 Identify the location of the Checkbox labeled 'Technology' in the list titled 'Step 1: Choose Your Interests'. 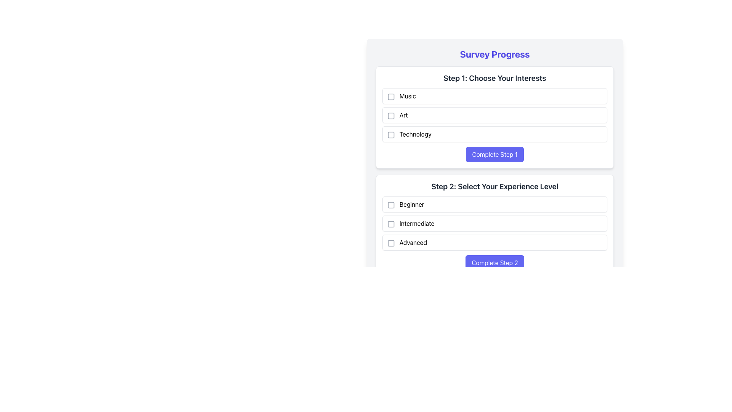
(494, 134).